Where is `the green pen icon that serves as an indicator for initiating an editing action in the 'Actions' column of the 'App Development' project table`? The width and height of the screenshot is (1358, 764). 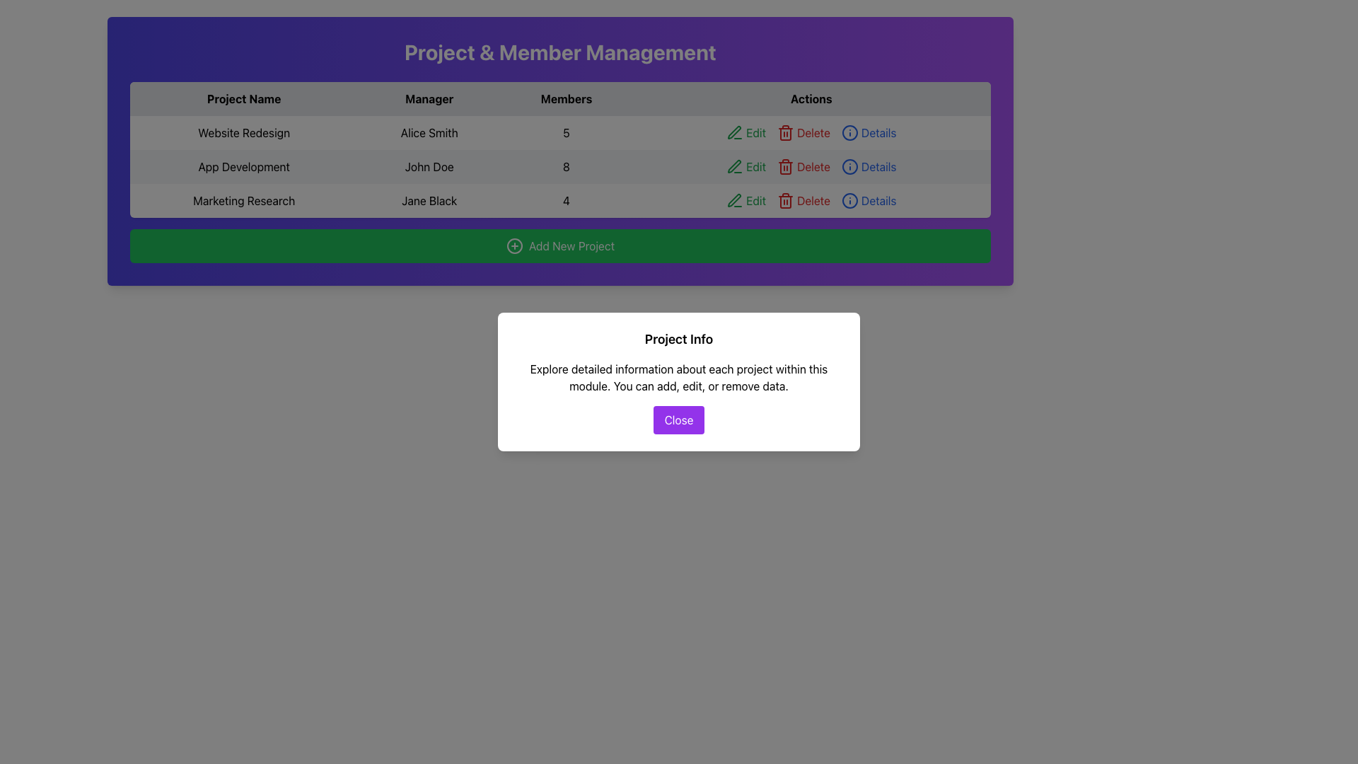 the green pen icon that serves as an indicator for initiating an editing action in the 'Actions' column of the 'App Development' project table is located at coordinates (735, 166).